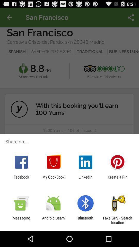  Describe the element at coordinates (53, 179) in the screenshot. I see `the item next to the linkedin icon` at that location.